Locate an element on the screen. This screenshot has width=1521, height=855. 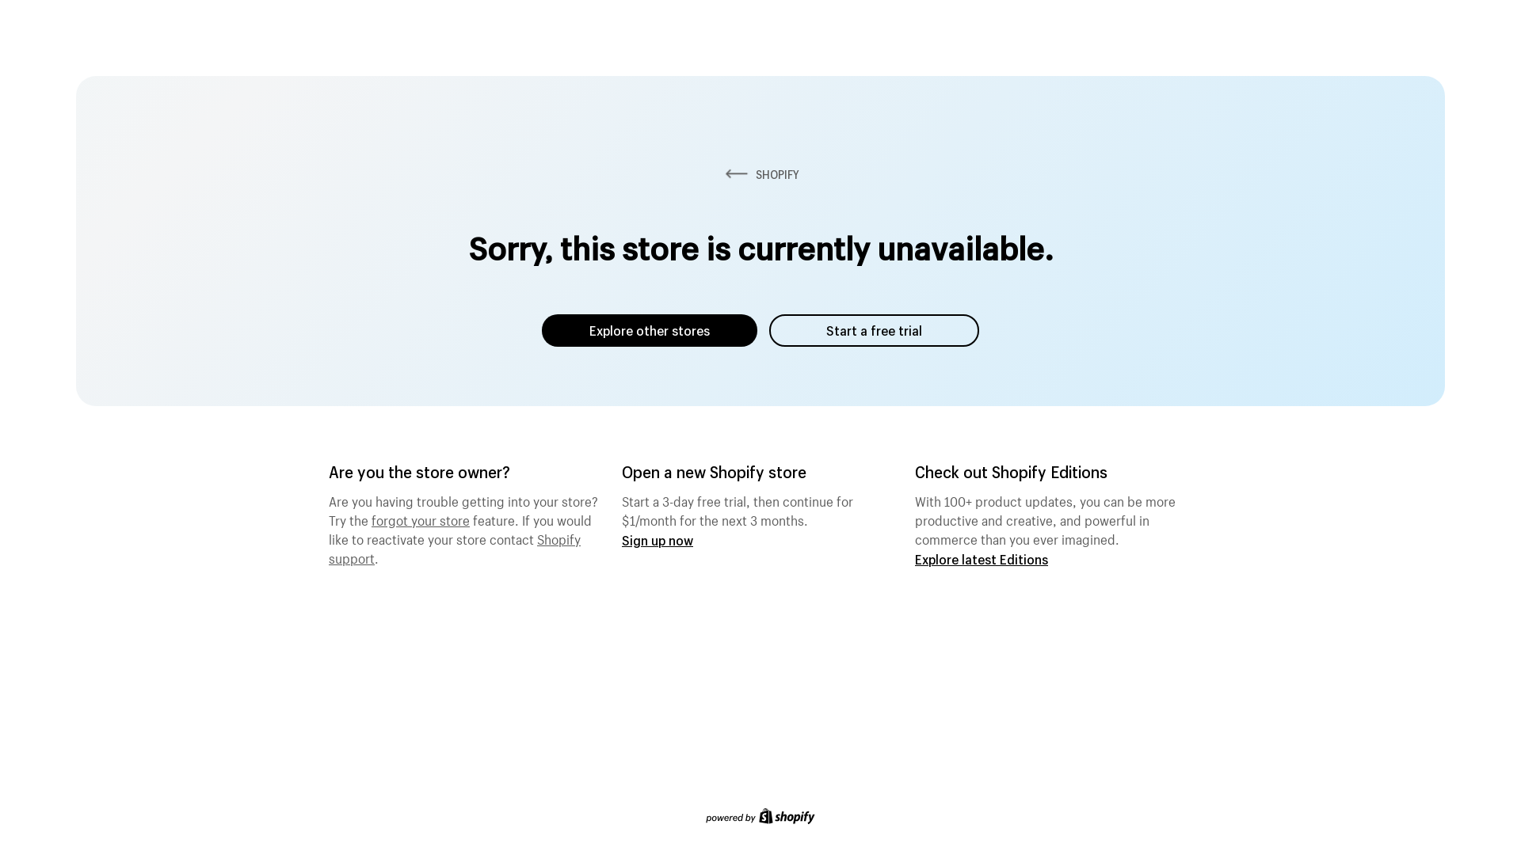
'Sign up now' is located at coordinates (658, 539).